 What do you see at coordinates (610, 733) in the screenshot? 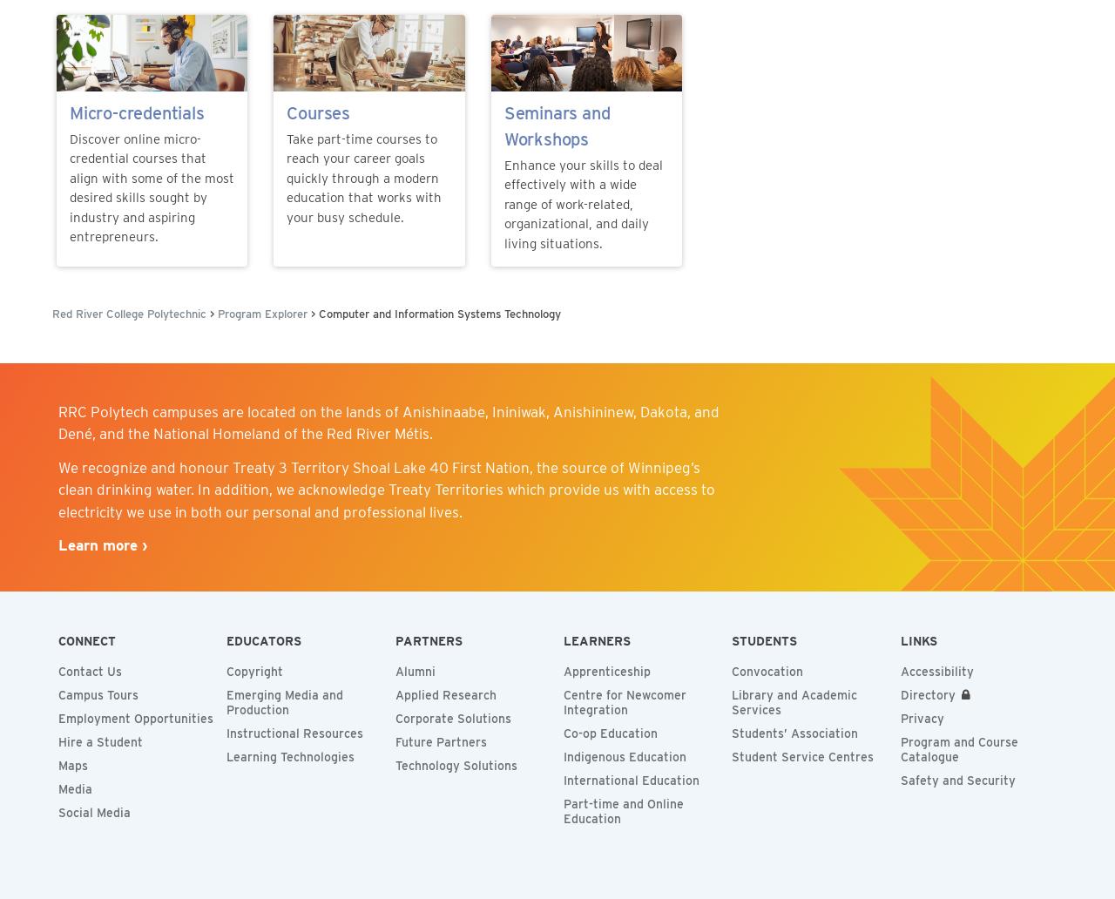
I see `'Co-op Education'` at bounding box center [610, 733].